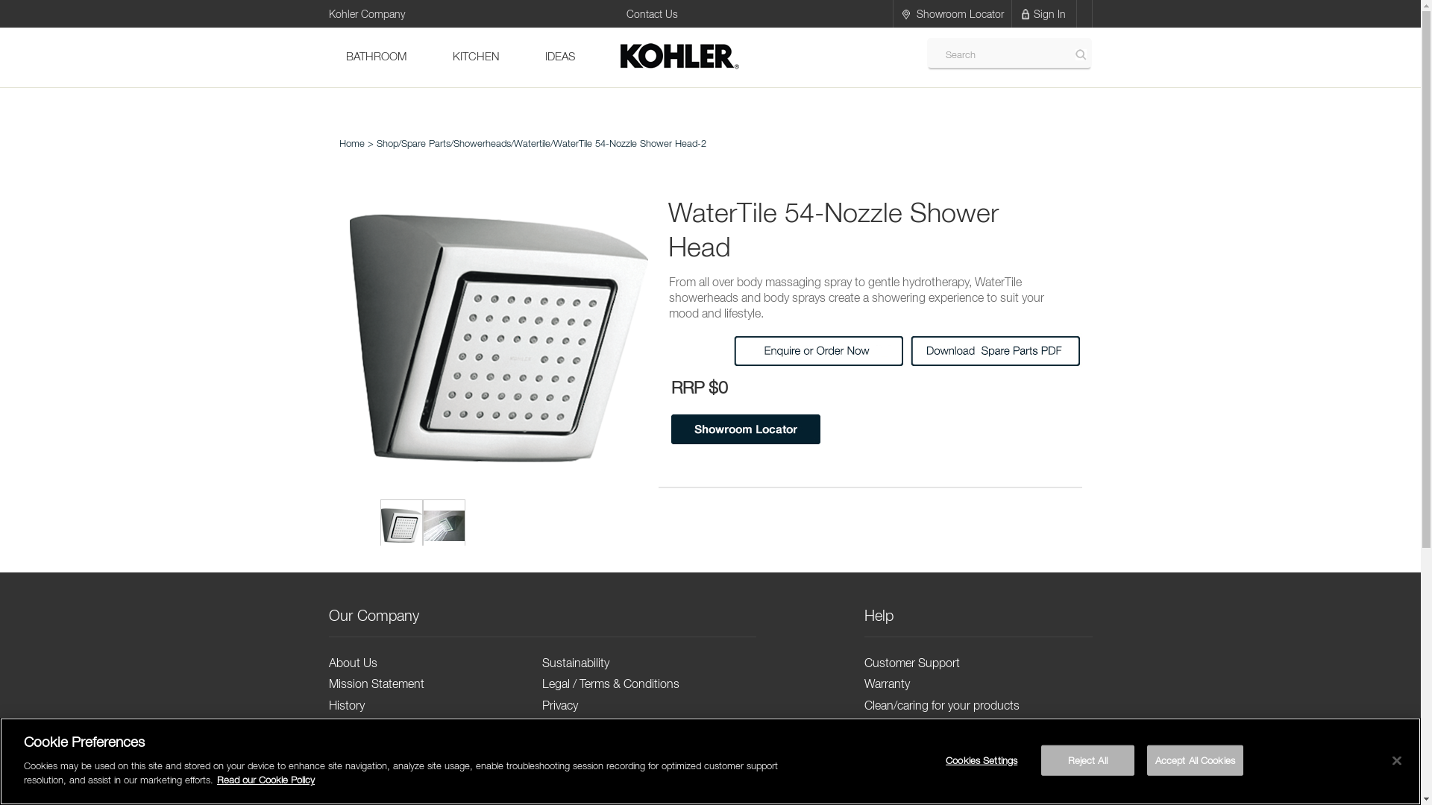 The image size is (1432, 805). I want to click on 'LOGO', so click(618, 57).